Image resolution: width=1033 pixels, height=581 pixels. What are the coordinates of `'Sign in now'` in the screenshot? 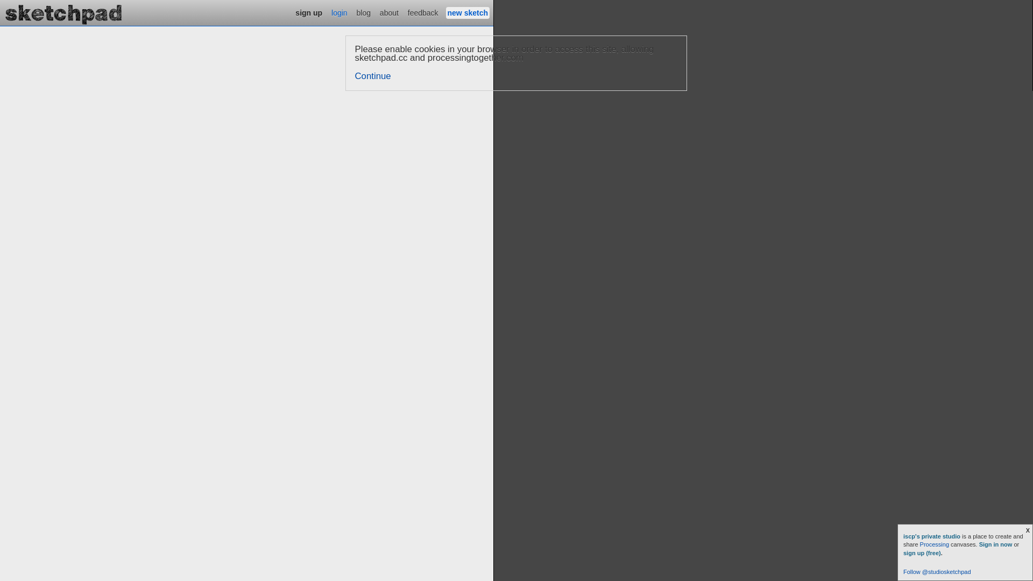 It's located at (979, 544).